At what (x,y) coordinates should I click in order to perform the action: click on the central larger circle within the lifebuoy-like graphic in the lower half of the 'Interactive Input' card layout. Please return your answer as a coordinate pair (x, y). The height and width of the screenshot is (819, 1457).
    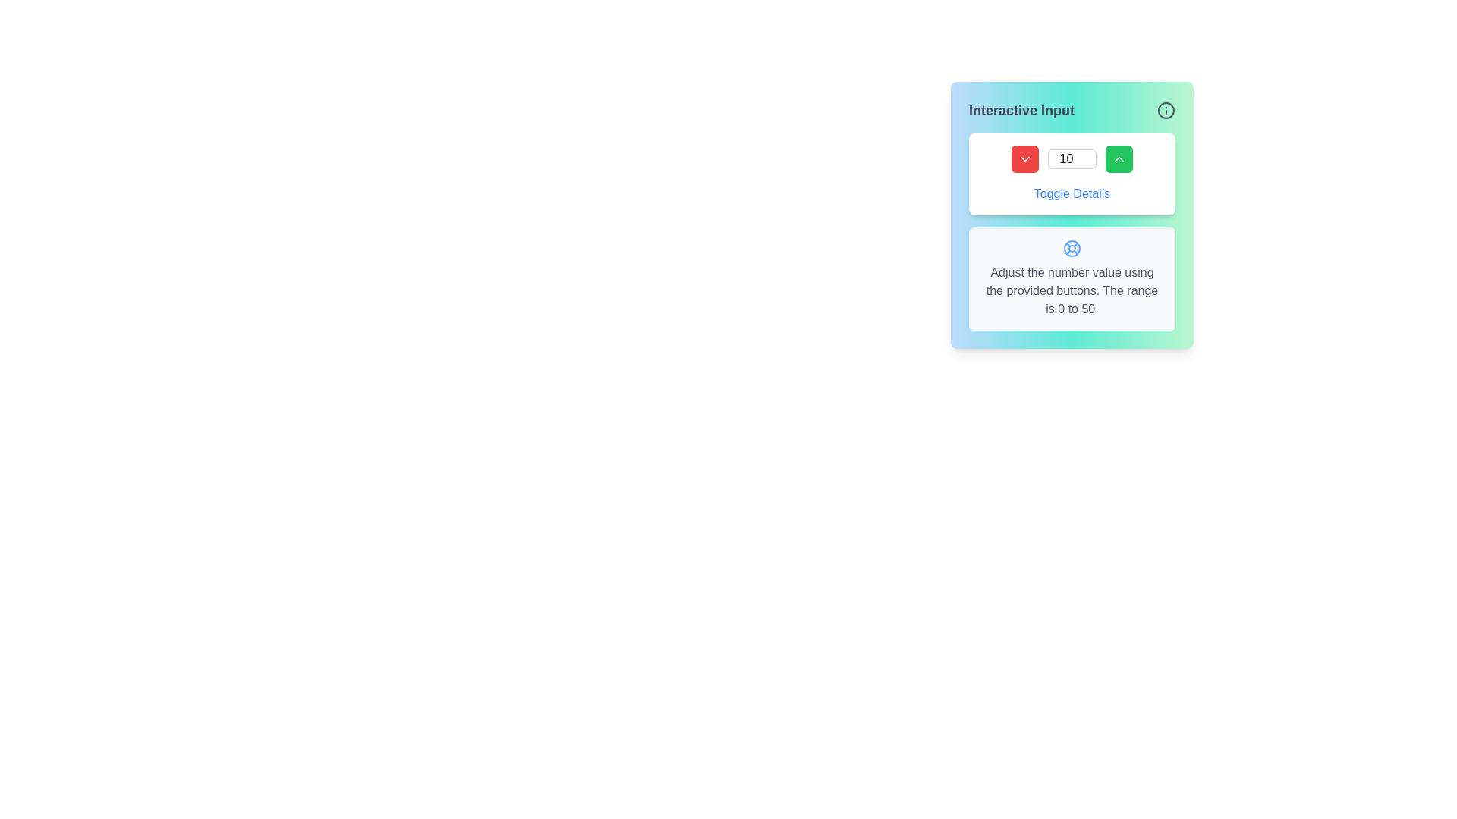
    Looking at the image, I should click on (1071, 247).